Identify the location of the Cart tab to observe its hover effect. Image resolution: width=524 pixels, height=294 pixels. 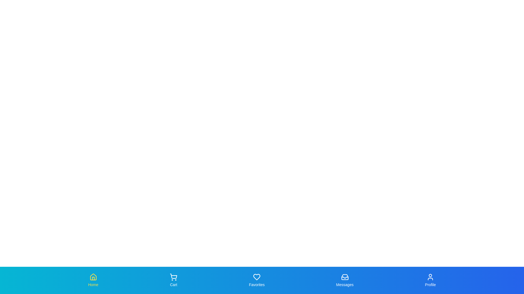
(173, 280).